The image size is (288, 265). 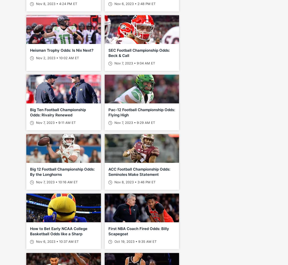 What do you see at coordinates (58, 112) in the screenshot?
I see `'Big Ten Football Championship Odds: Rivalry Renewed'` at bounding box center [58, 112].